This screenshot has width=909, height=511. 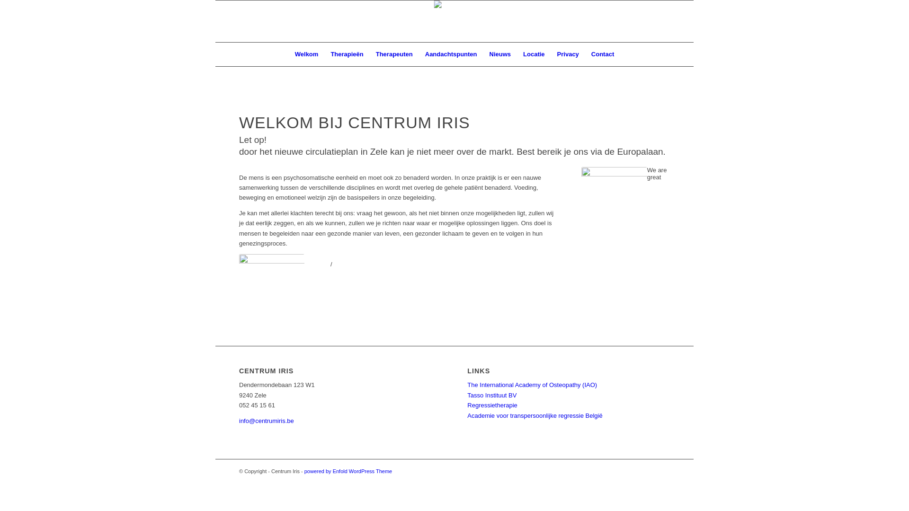 I want to click on 'powered by Enfold WordPress Theme', so click(x=348, y=471).